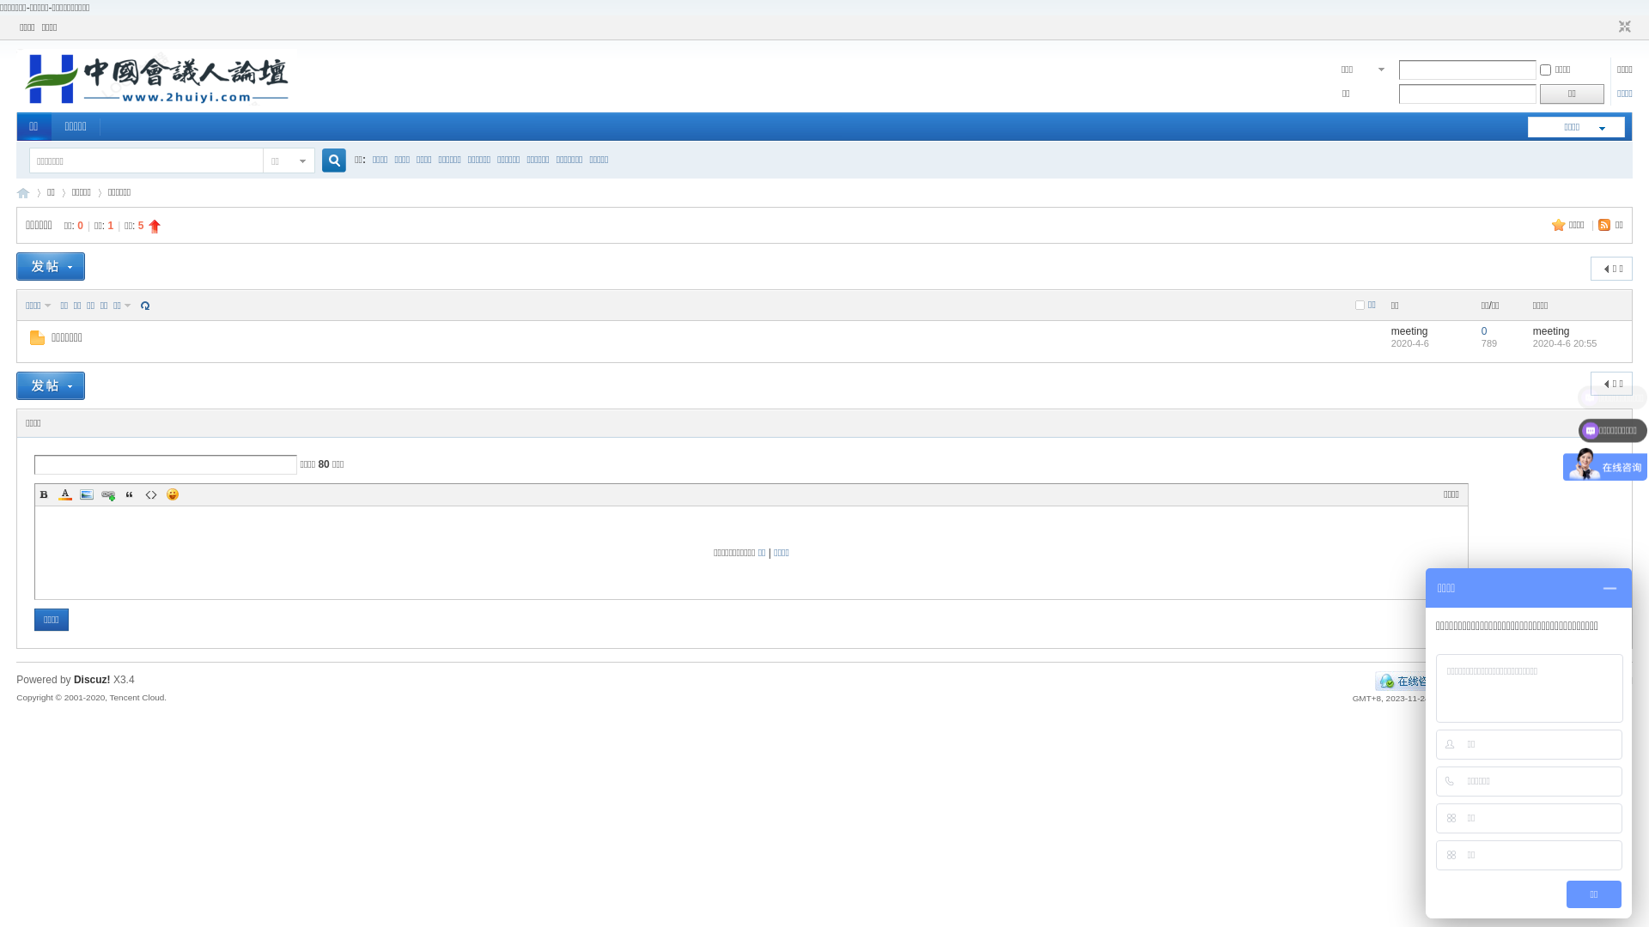  What do you see at coordinates (91, 678) in the screenshot?
I see `'Discuz!'` at bounding box center [91, 678].